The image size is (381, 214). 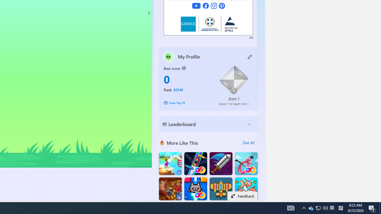 What do you see at coordinates (221, 163) in the screenshot?
I see `'Dungeon Master Knight'` at bounding box center [221, 163].